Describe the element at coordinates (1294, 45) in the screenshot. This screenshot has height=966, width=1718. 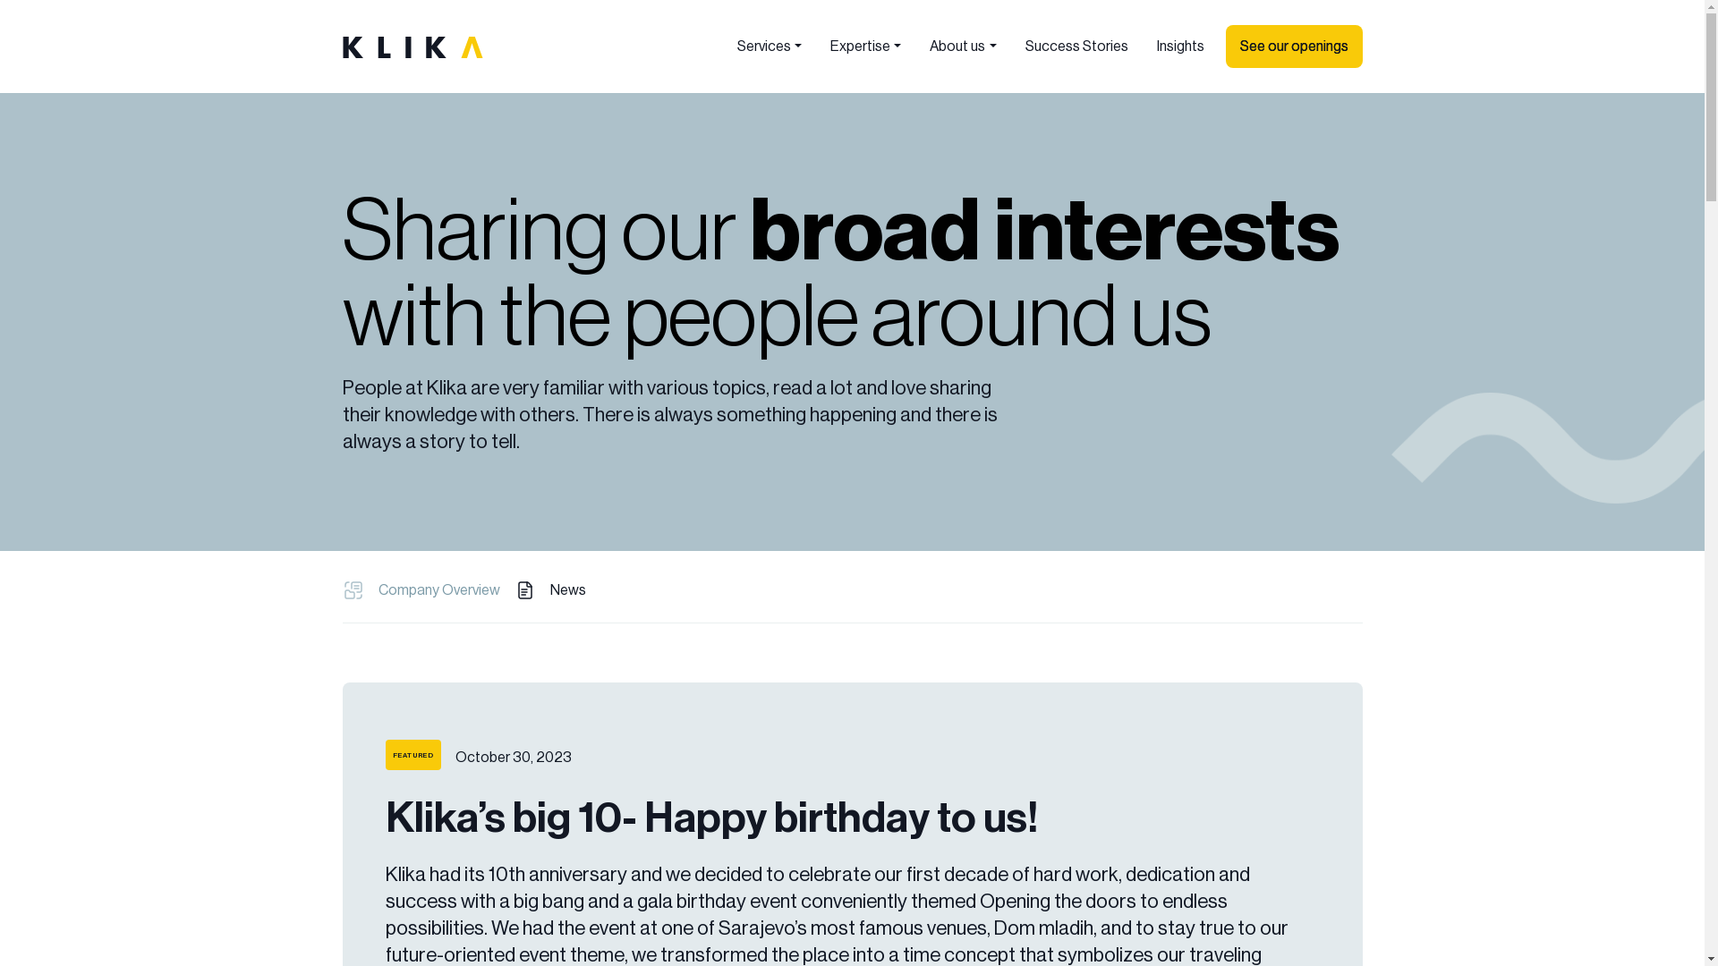
I see `'See our openings'` at that location.